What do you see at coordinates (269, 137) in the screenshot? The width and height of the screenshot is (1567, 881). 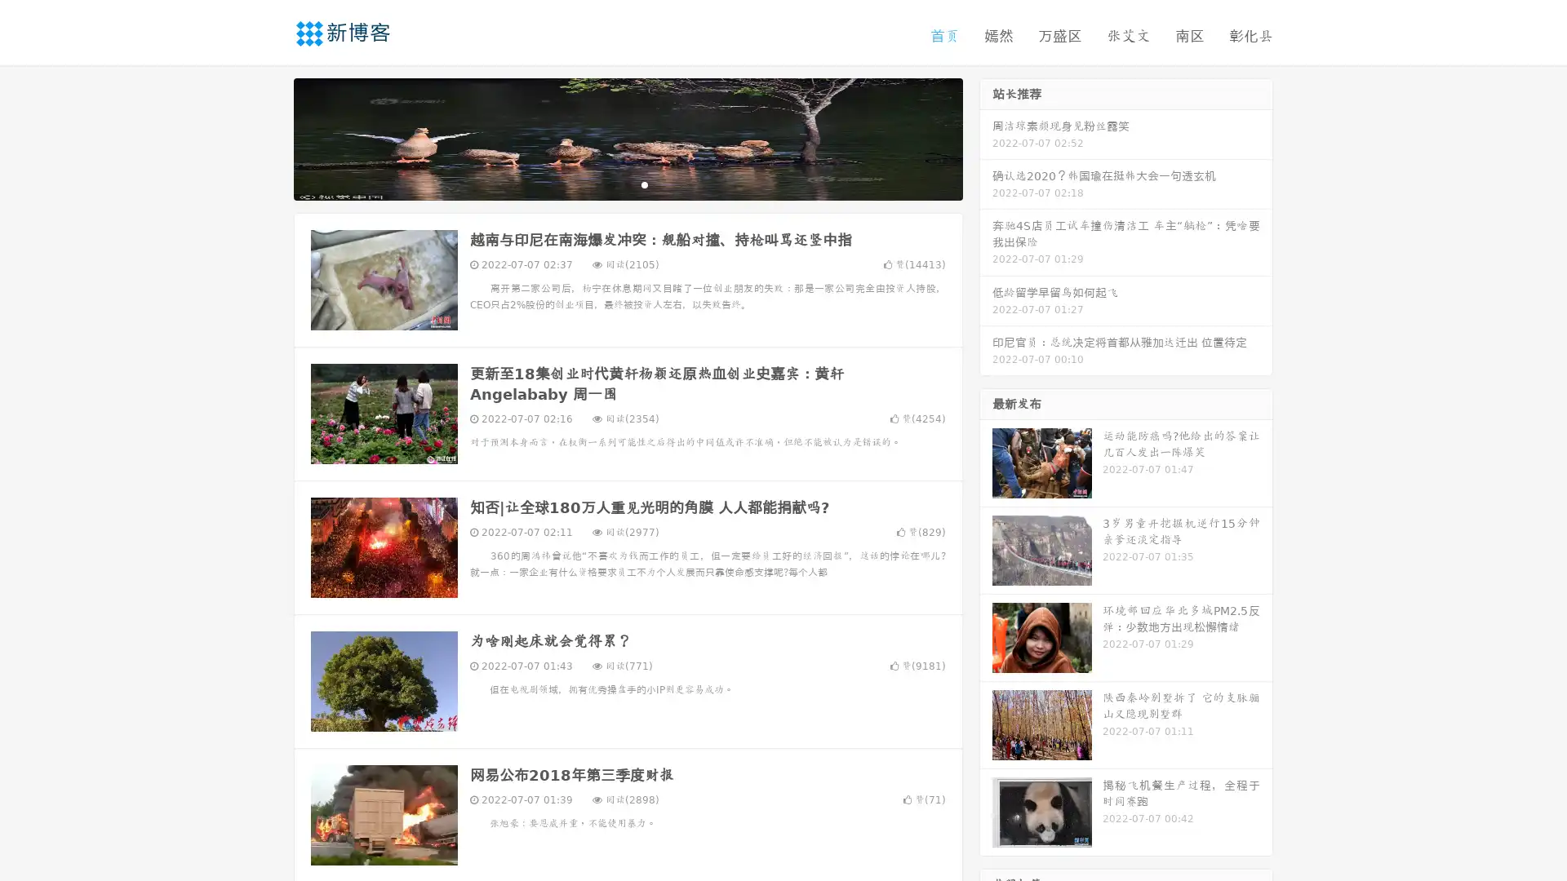 I see `Previous slide` at bounding box center [269, 137].